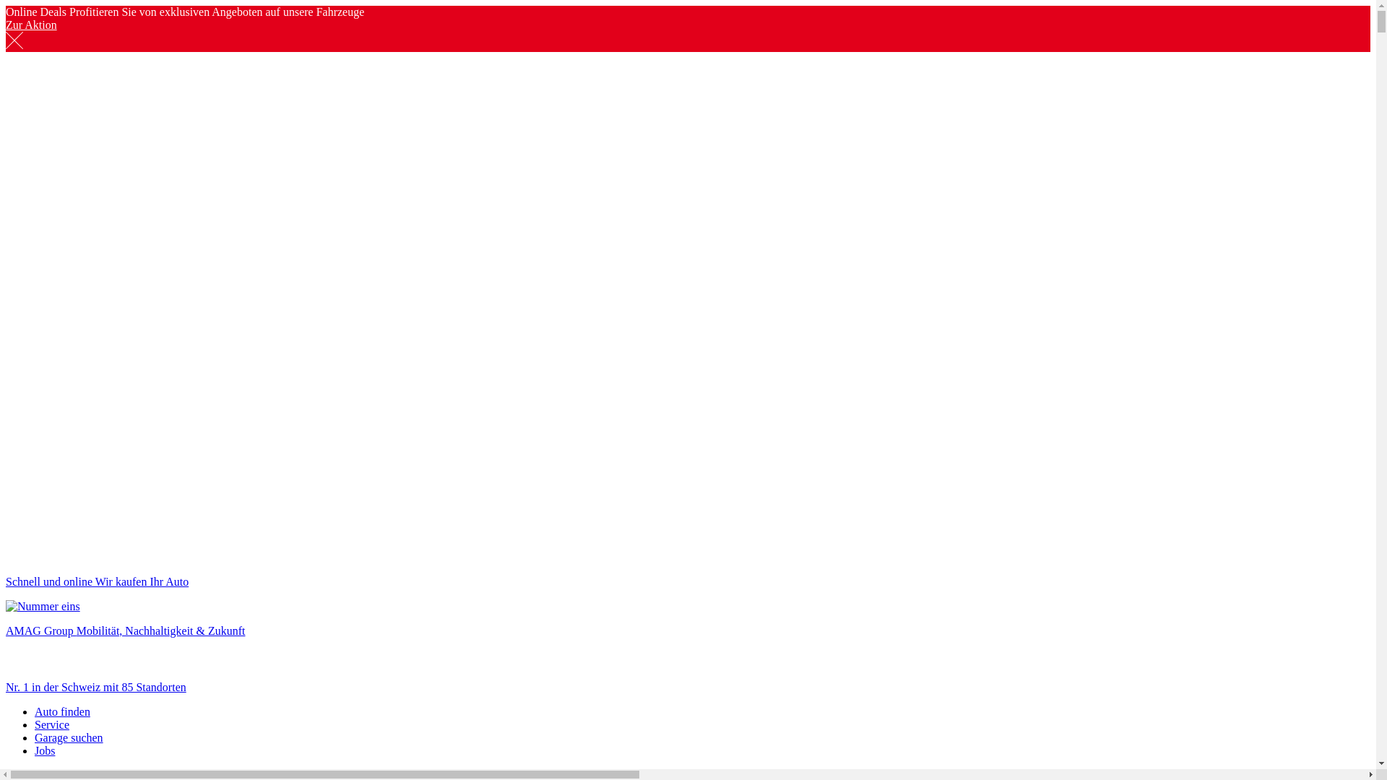 This screenshot has width=1387, height=780. What do you see at coordinates (68, 737) in the screenshot?
I see `'Garage suchen'` at bounding box center [68, 737].